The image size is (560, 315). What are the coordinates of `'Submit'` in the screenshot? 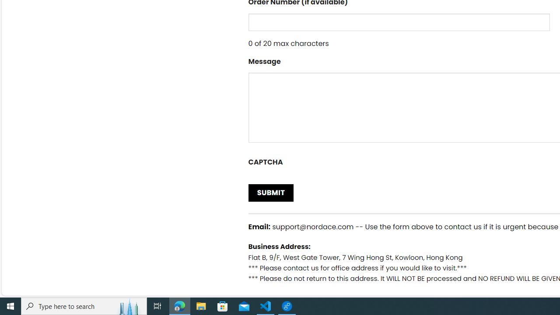 It's located at (270, 192).